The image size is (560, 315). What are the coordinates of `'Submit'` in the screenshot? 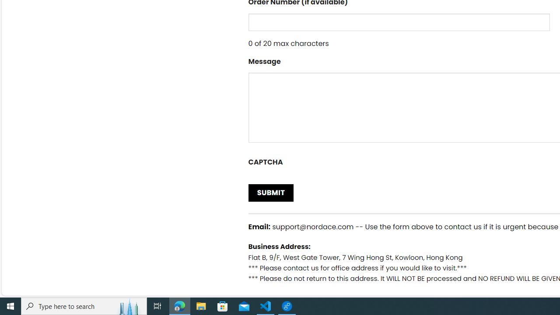 It's located at (270, 192).